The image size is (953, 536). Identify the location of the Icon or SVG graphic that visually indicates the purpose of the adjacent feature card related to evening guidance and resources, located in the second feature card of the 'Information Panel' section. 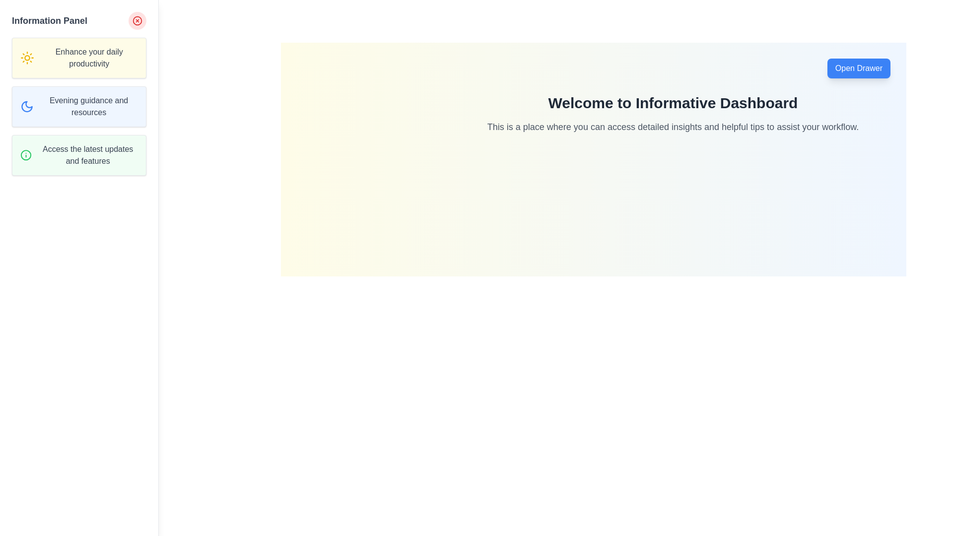
(27, 107).